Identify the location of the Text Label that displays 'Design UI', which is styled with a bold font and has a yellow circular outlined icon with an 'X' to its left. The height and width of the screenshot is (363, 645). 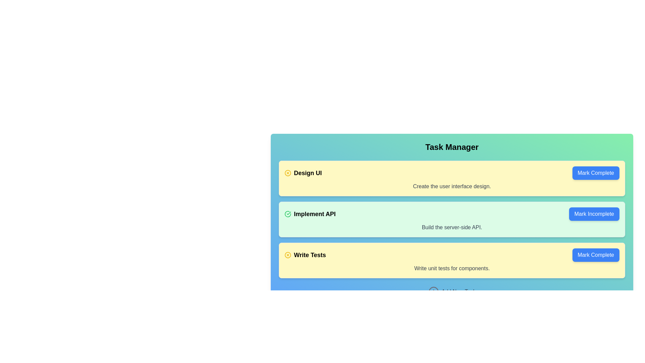
(303, 173).